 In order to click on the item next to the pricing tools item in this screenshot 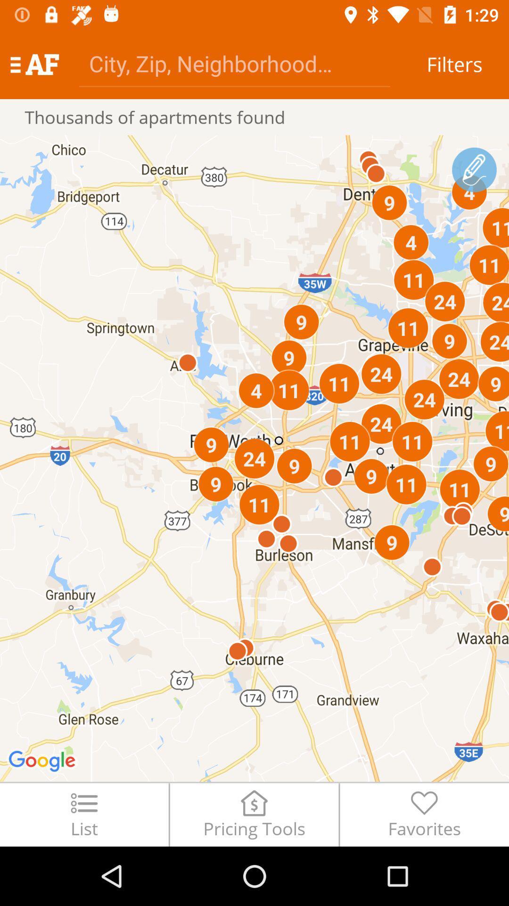, I will do `click(424, 814)`.